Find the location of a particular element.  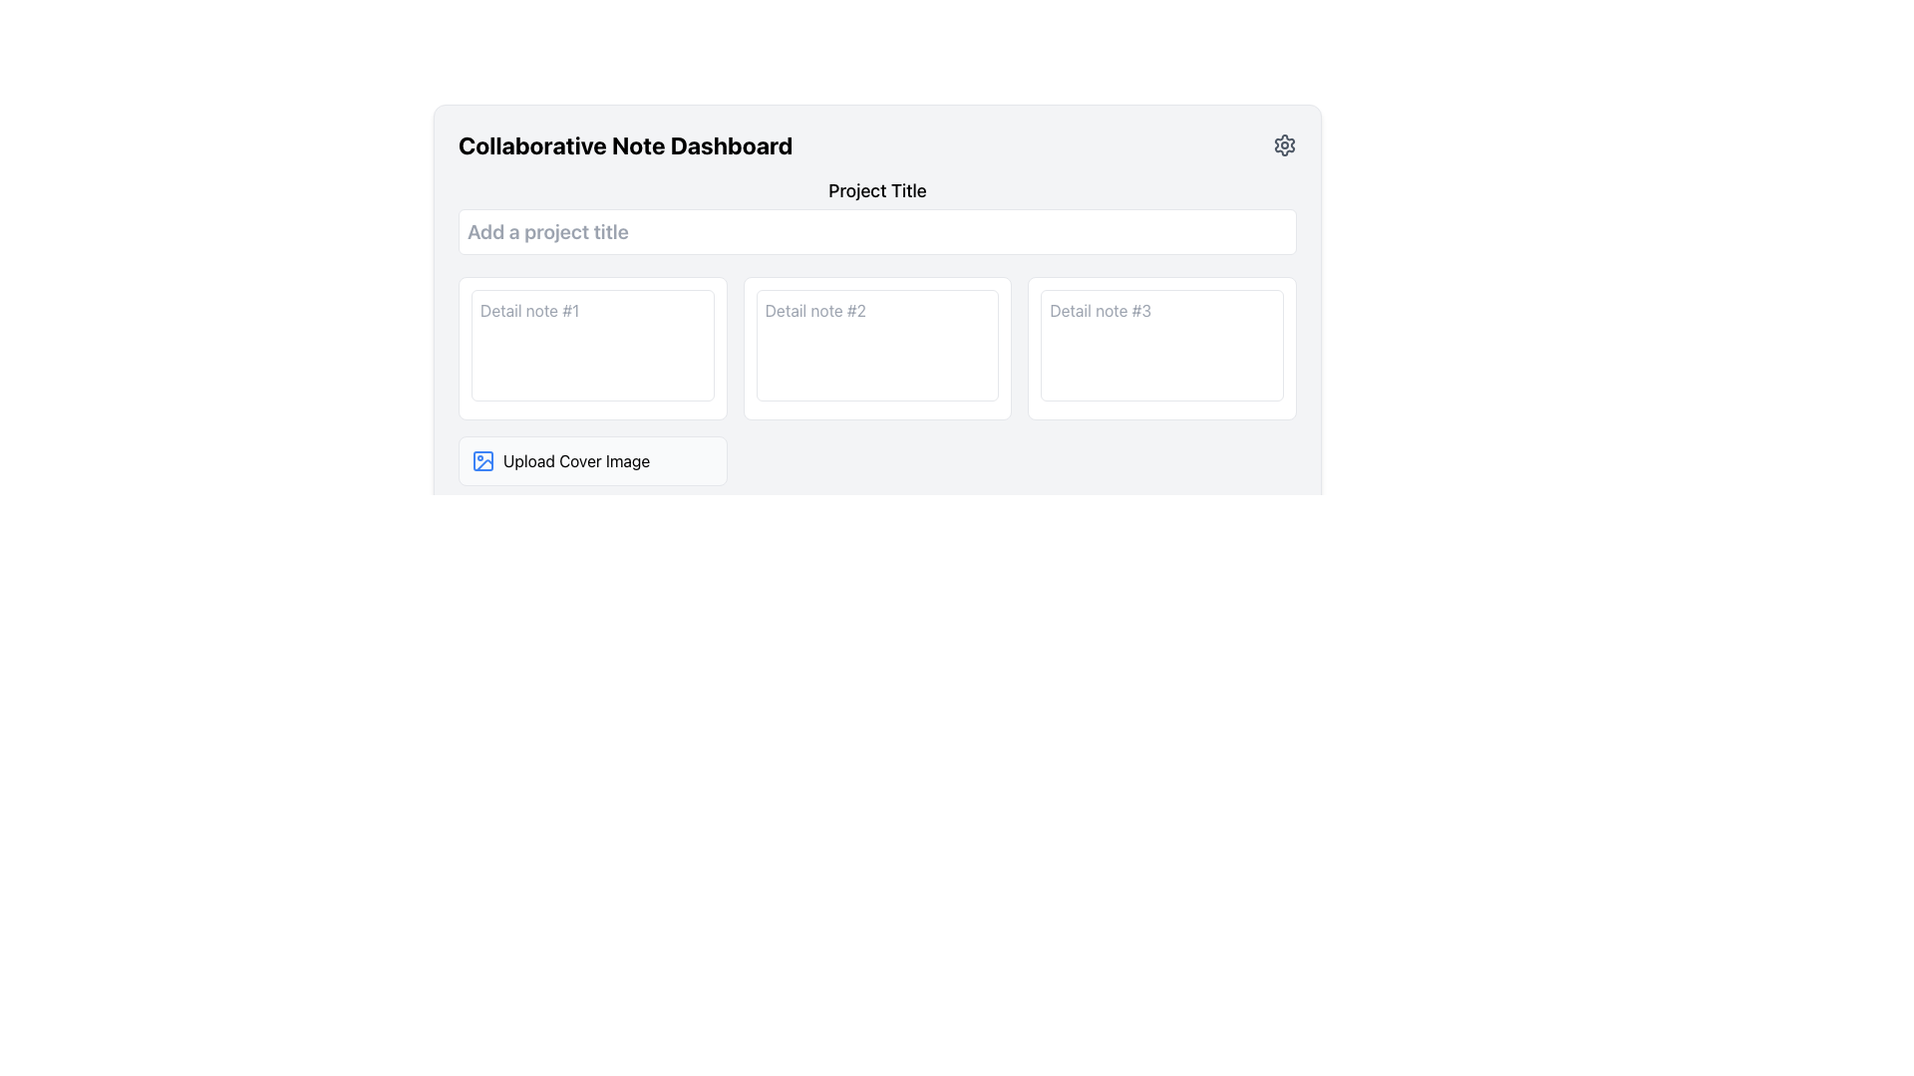

the 'Upload Cover Image' label, which is a text string beside a blue image icon located below three input fields labeled 'Detail note #1', 'Detail note #2', and 'Detail note #3' is located at coordinates (575, 460).